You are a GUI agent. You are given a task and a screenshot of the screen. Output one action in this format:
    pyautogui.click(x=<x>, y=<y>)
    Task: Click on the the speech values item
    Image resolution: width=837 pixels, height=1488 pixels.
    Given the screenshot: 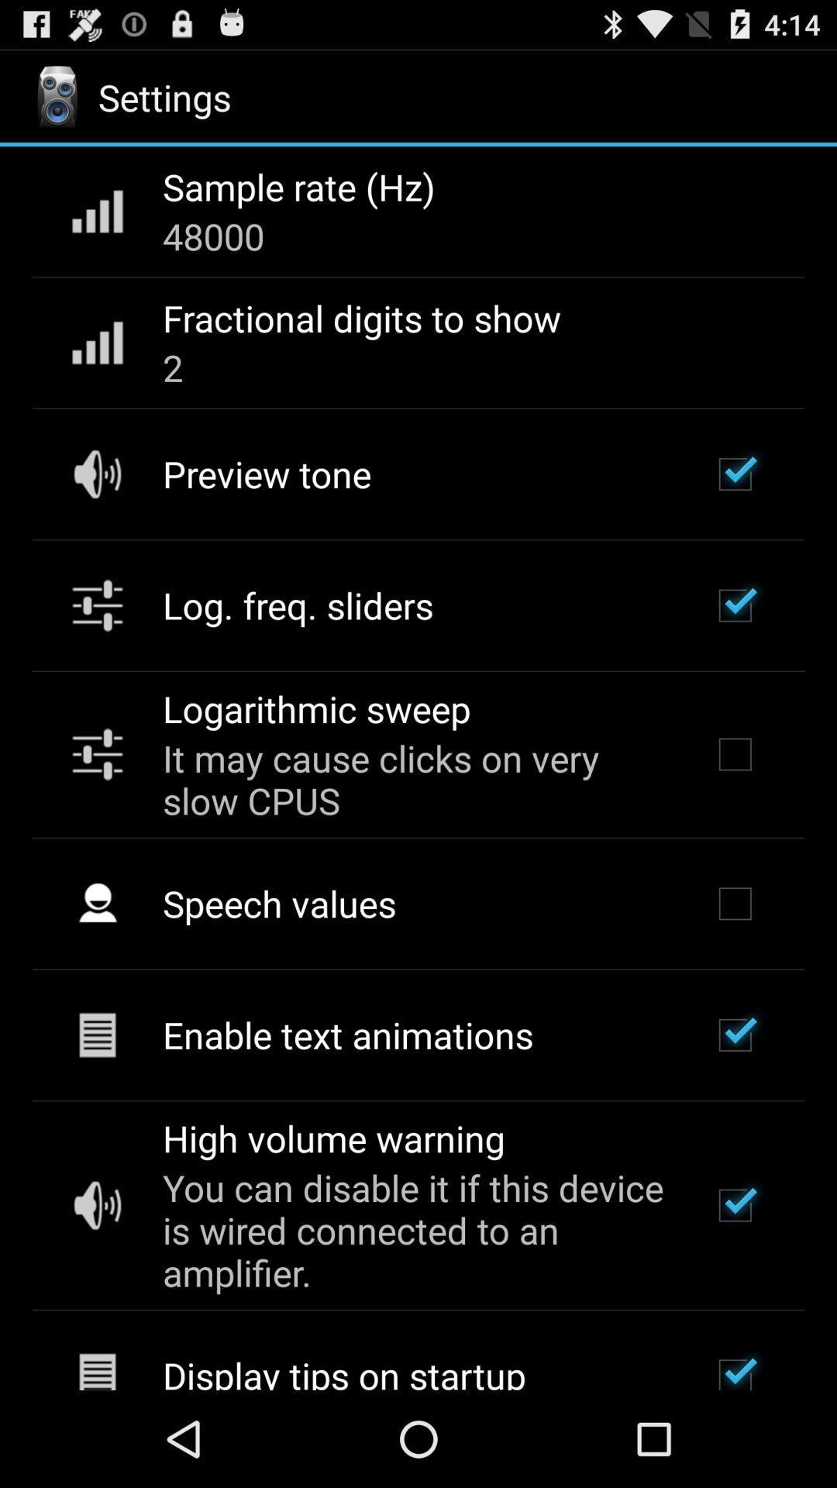 What is the action you would take?
    pyautogui.click(x=279, y=903)
    